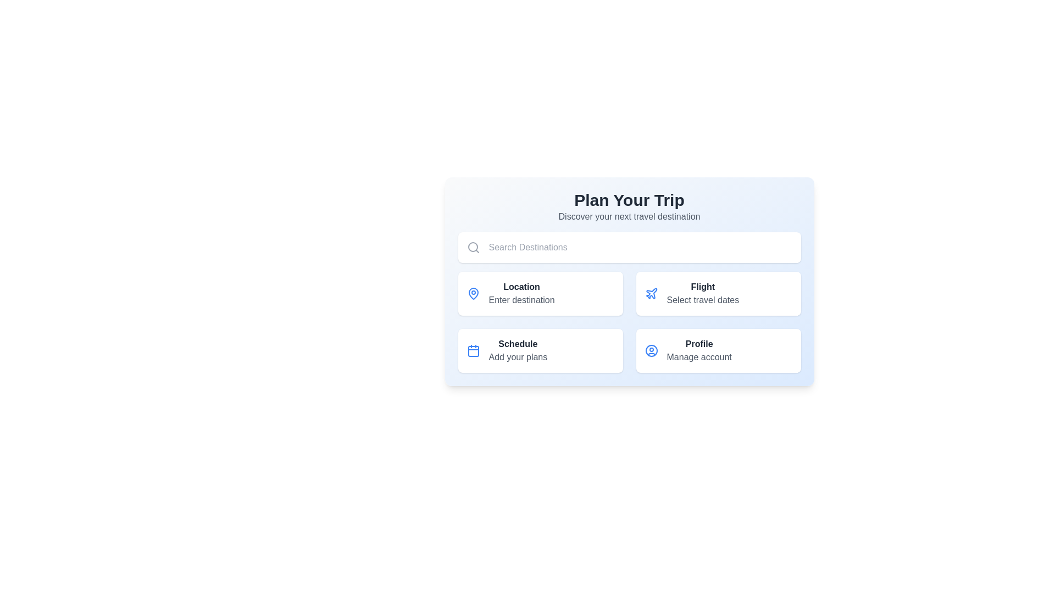 Image resolution: width=1055 pixels, height=593 pixels. Describe the element at coordinates (698, 351) in the screenshot. I see `text displayed in the card-style UI unit, which includes 'Profile' in bold dark gray and 'Manage account' in lighter gray` at that location.